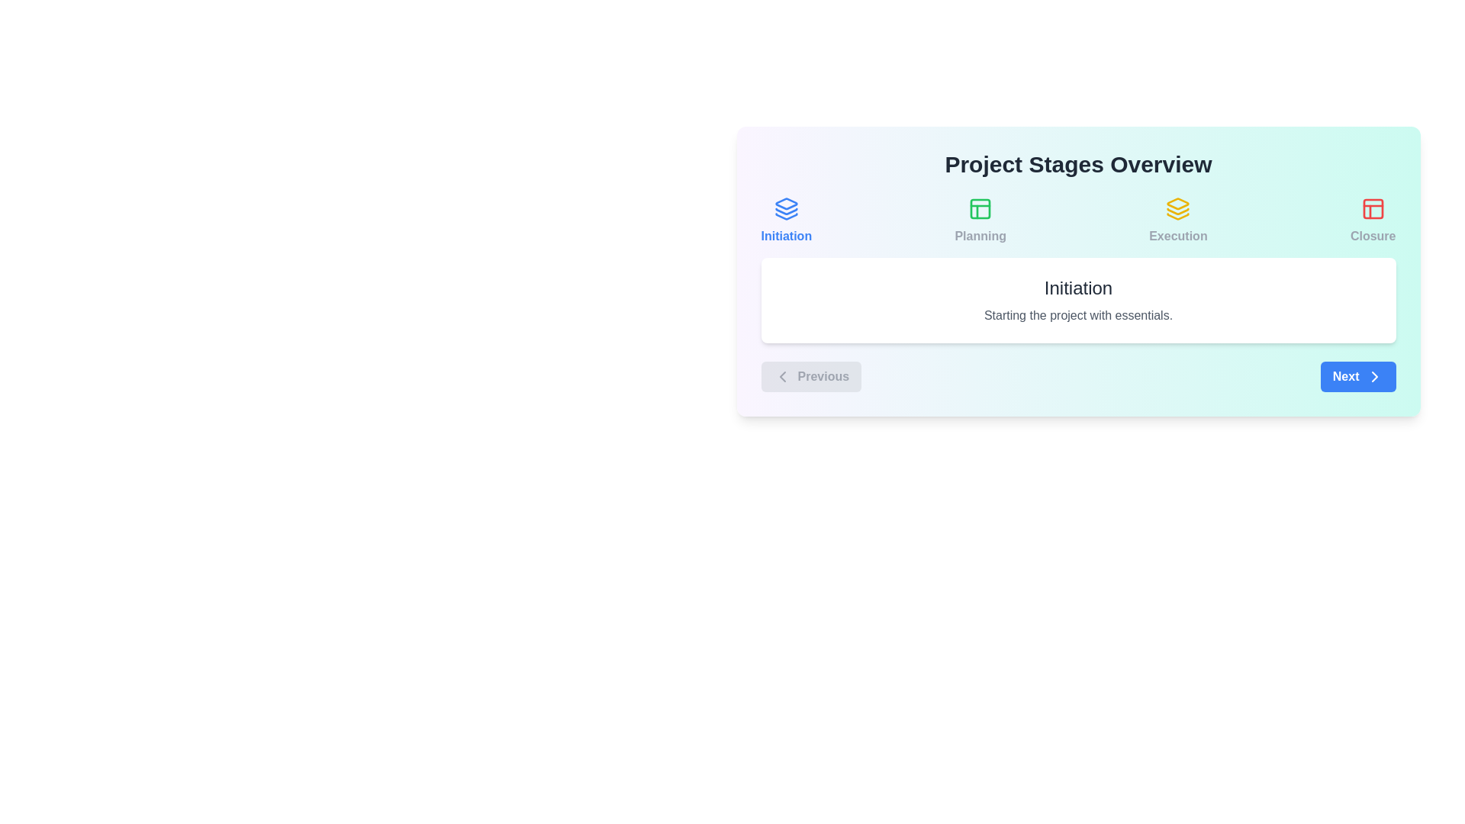  I want to click on the 'Execution' navigational link icon in the 'Project Stages Overview' section, which is the third column from the left, positioned between 'Planning' and 'Closure', so click(1177, 220).